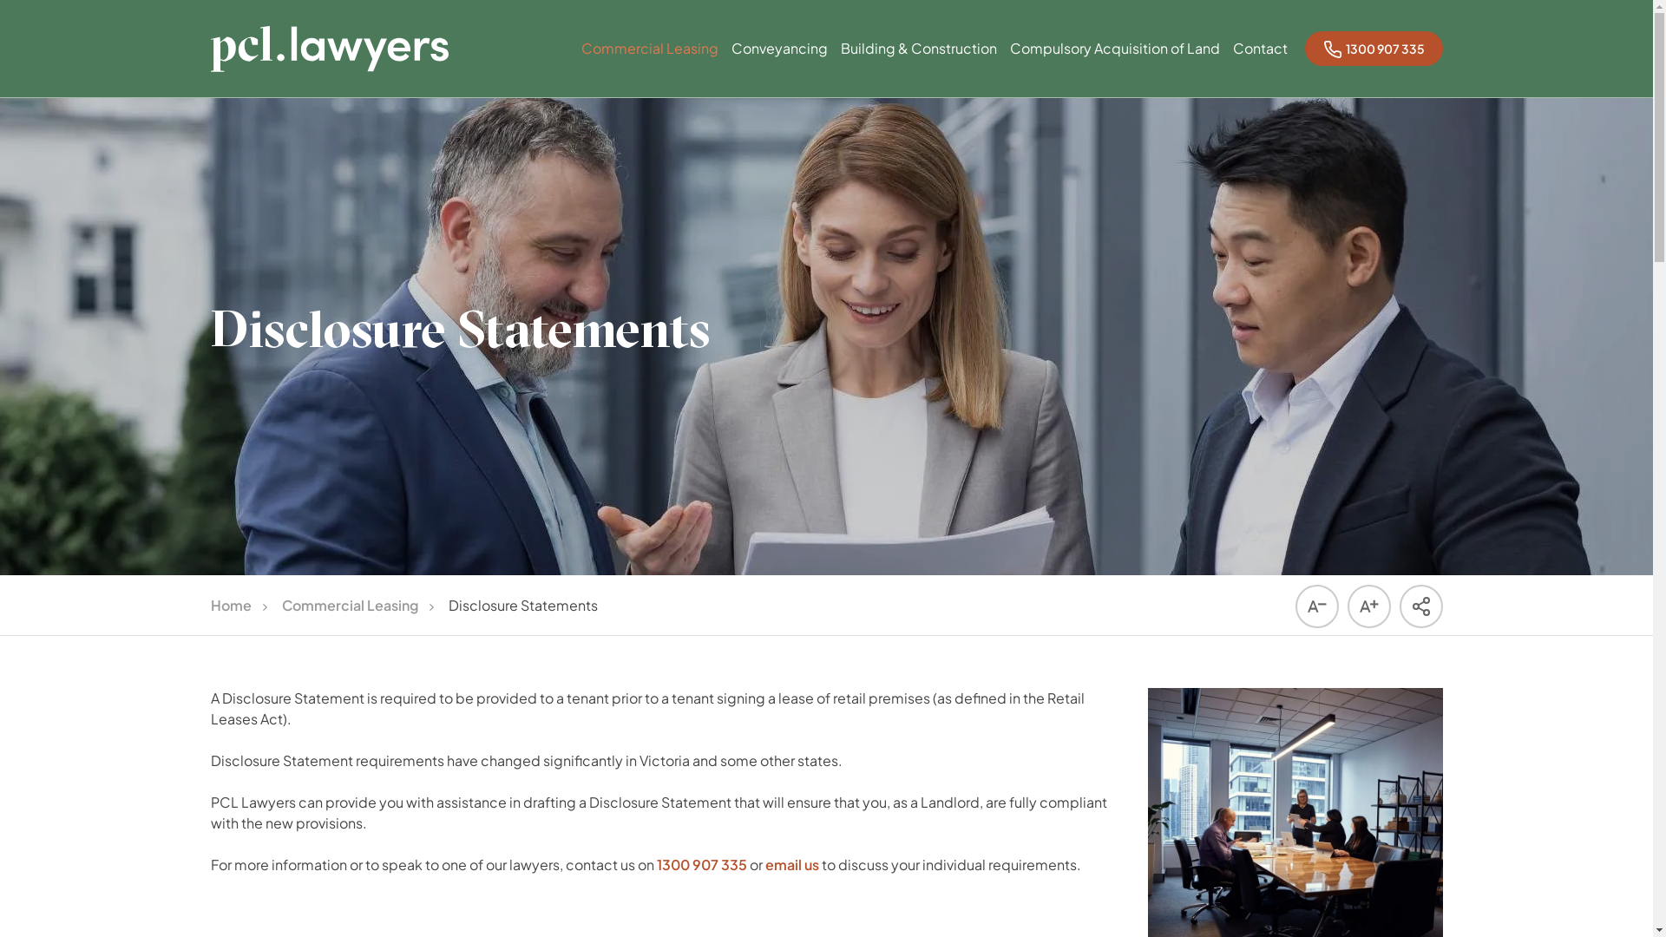 The image size is (1666, 937). What do you see at coordinates (916, 64) in the screenshot?
I see `'Building & Construction'` at bounding box center [916, 64].